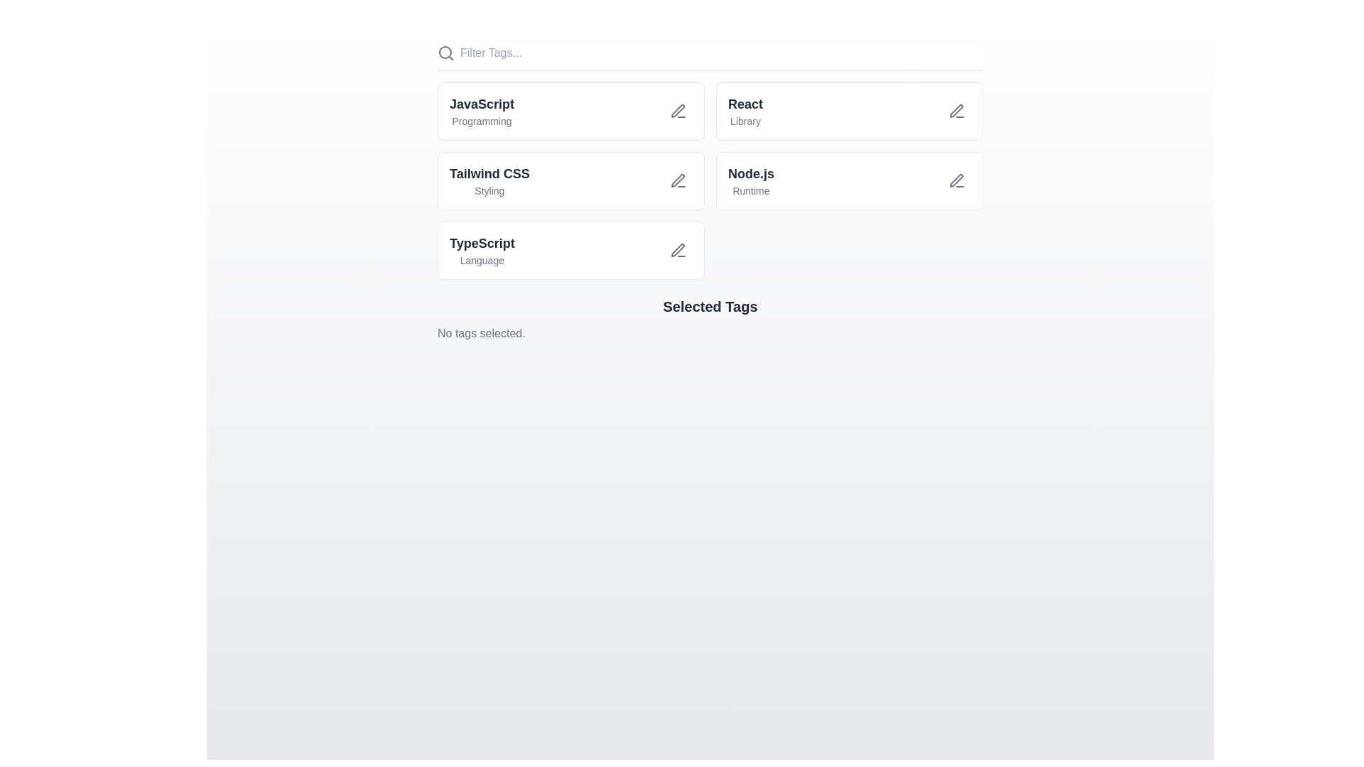  What do you see at coordinates (745, 103) in the screenshot?
I see `the static text label that serves as a title for the 'React' card, located above the 'Library' label in the top-right card of the grid layout for accessibility navigation` at bounding box center [745, 103].